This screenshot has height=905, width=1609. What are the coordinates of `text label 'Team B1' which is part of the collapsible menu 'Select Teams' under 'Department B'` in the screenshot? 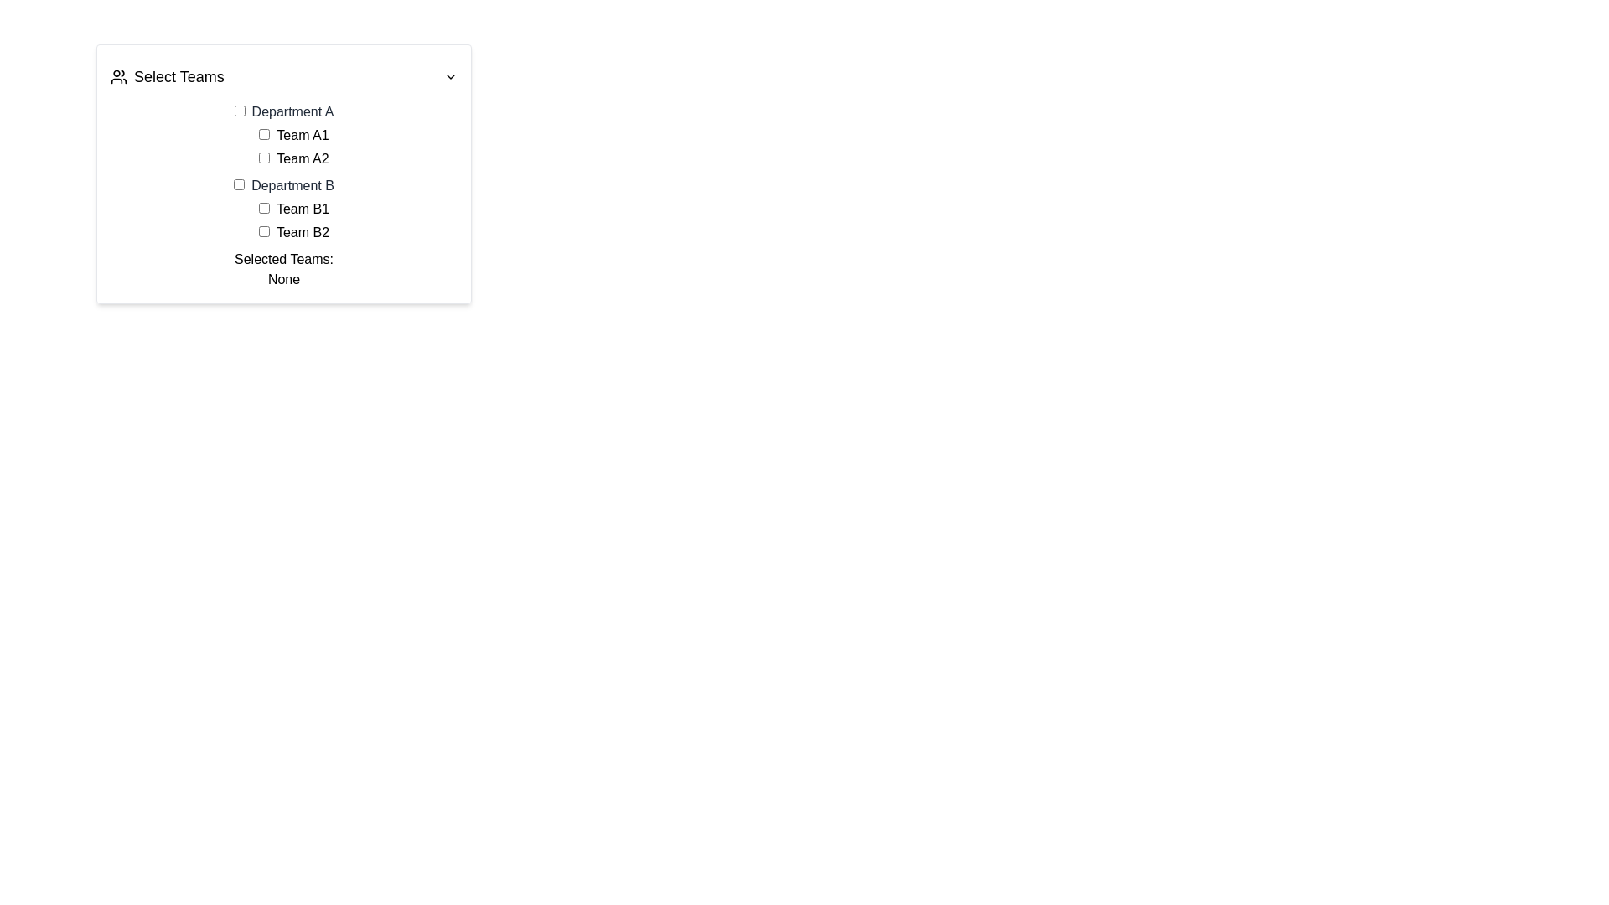 It's located at (303, 208).